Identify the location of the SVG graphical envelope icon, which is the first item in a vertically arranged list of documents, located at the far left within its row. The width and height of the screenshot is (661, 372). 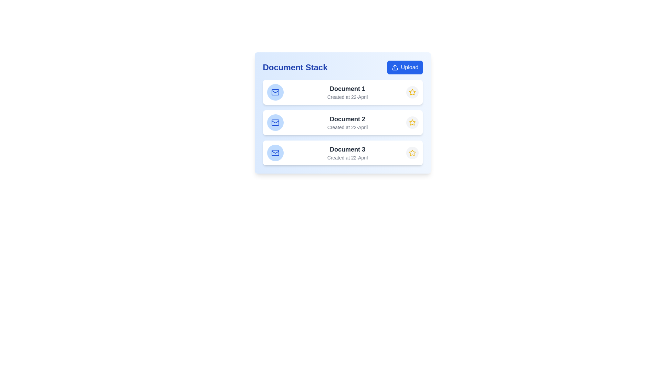
(275, 92).